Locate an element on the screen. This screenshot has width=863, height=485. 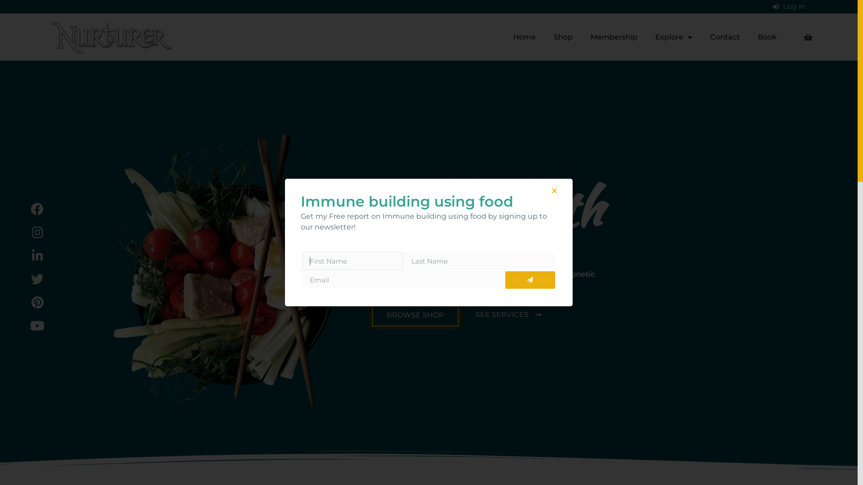
'Membership' is located at coordinates (614, 37).